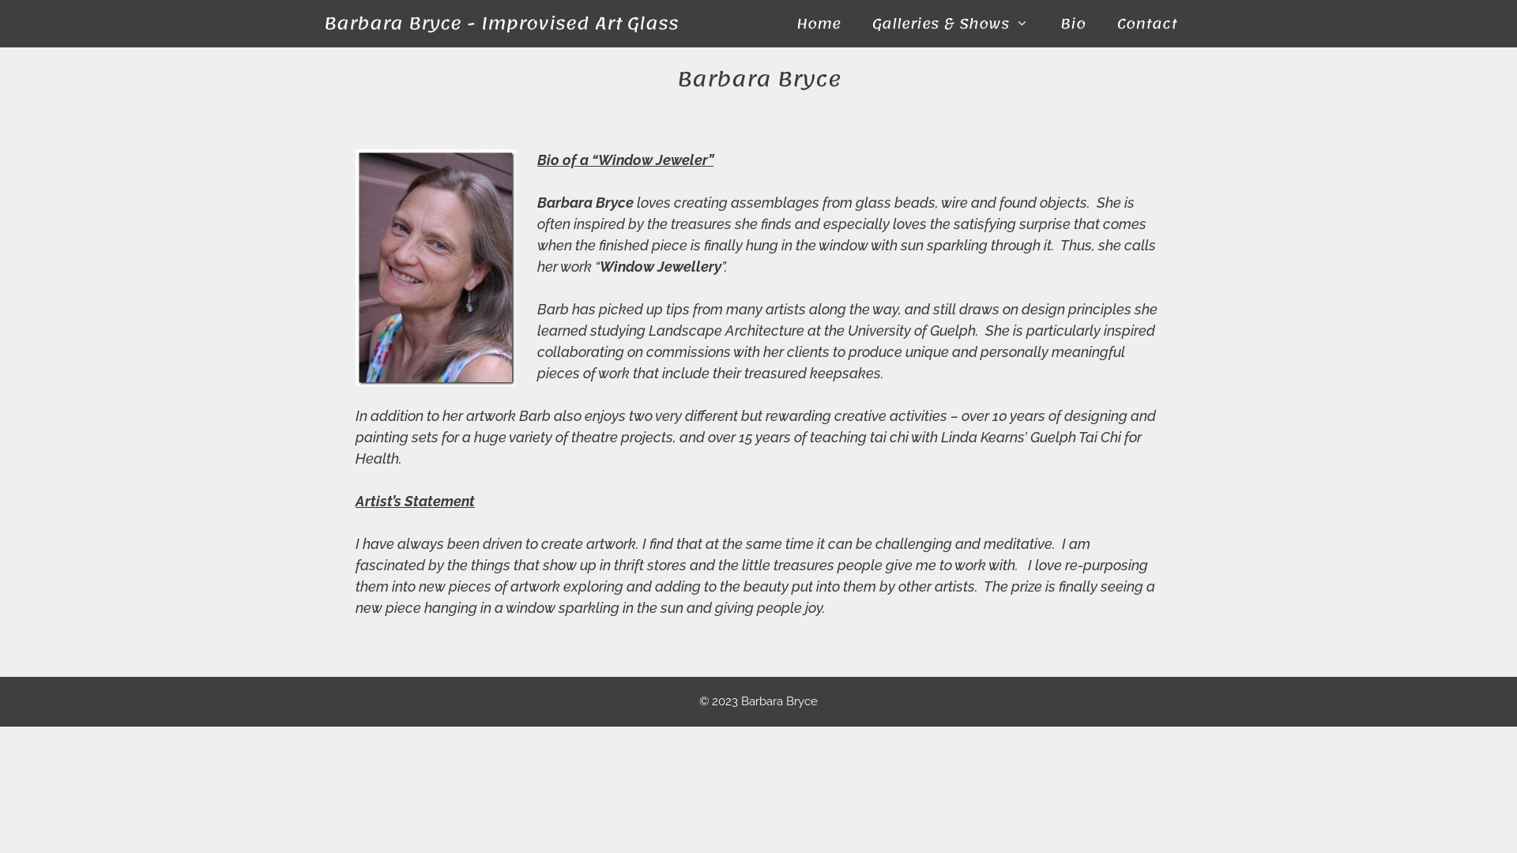 The height and width of the screenshot is (853, 1517). I want to click on 'Bio', so click(1073, 24).